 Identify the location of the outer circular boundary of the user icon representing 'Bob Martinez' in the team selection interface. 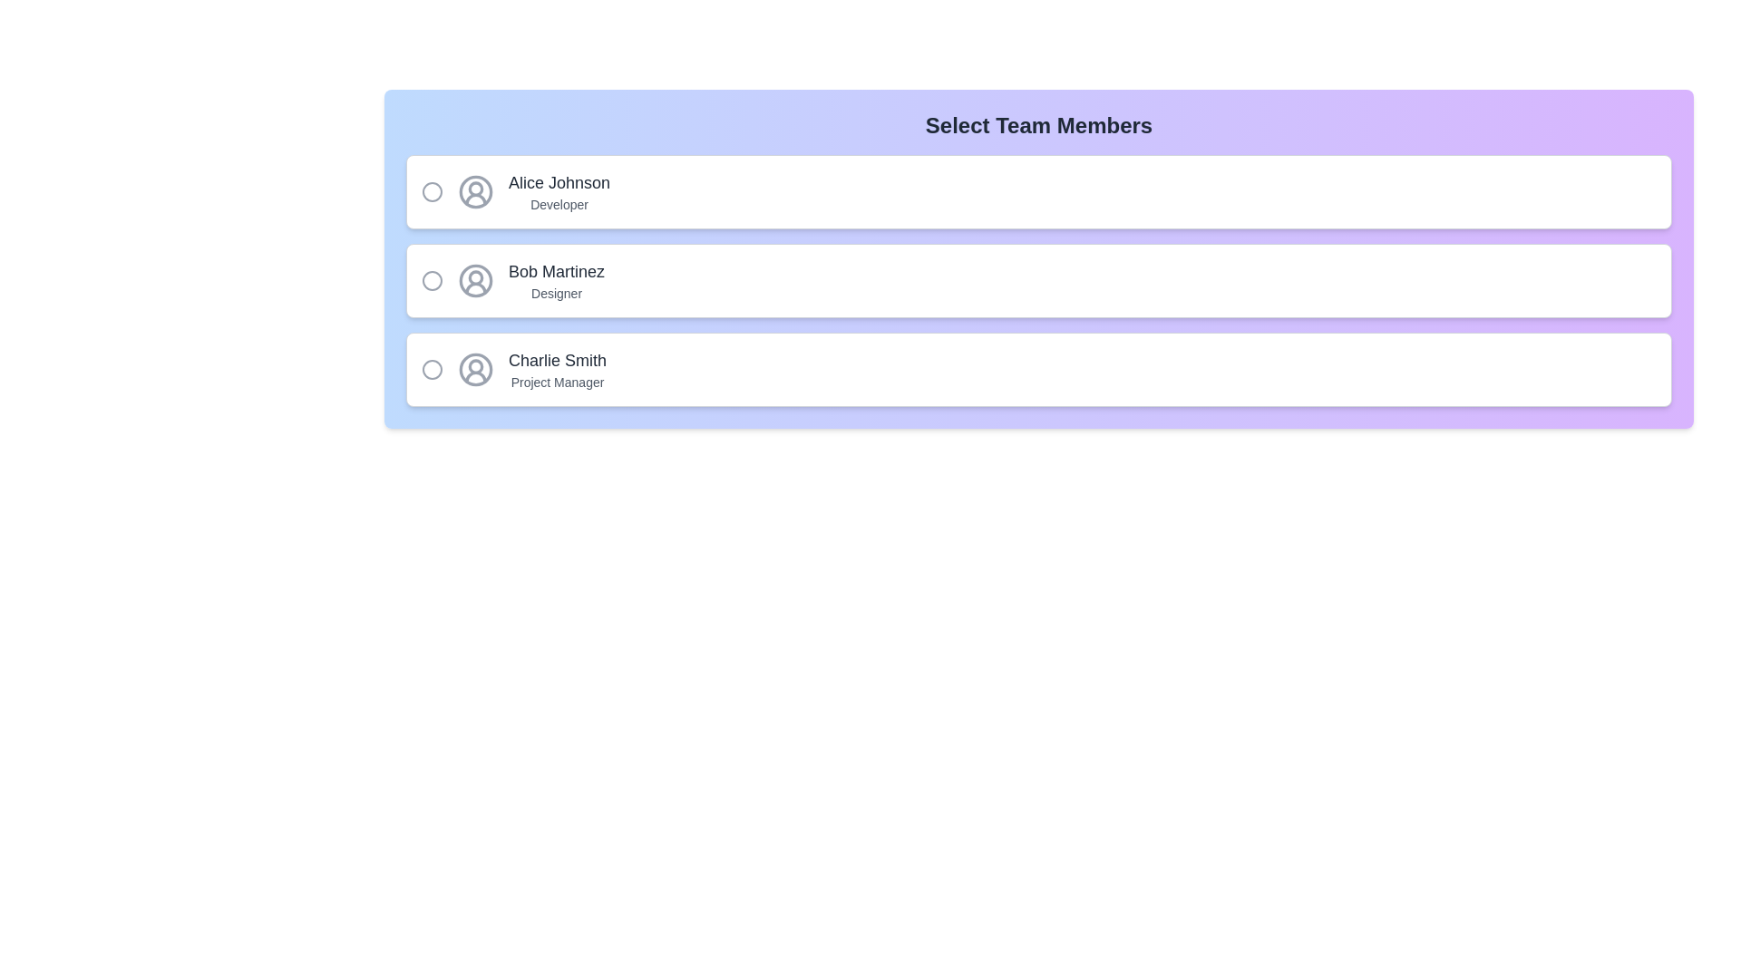
(475, 280).